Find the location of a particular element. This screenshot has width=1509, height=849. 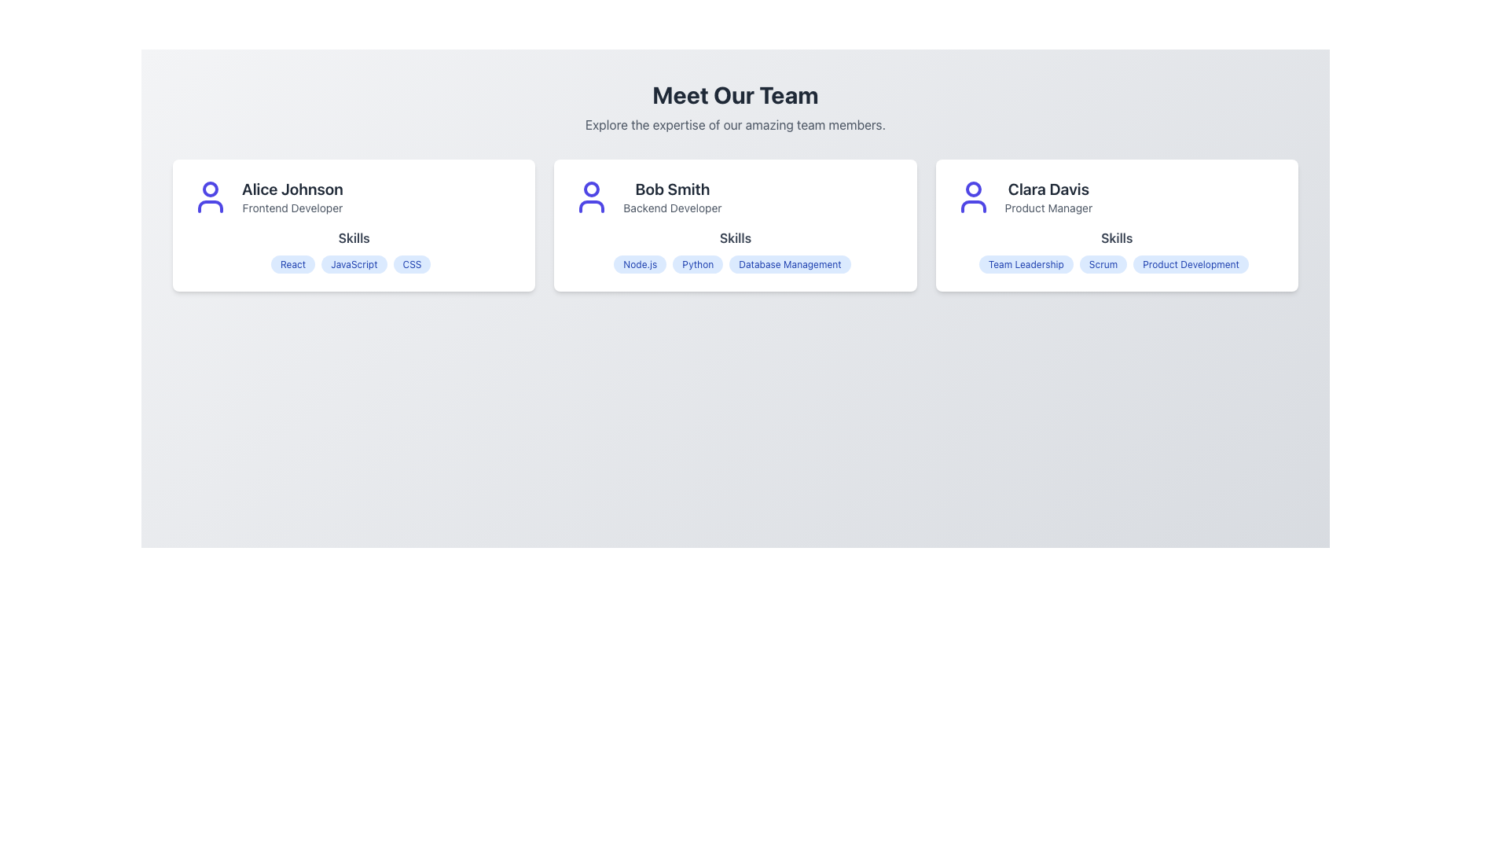

the team member card for Bob Smith, which displays his role as a Backend Developer and skills in a visually appealing format, positioned centrally between the cards for Alice Johnson and Clara Davis in the 'Meet Our Team' section is located at coordinates (735, 225).